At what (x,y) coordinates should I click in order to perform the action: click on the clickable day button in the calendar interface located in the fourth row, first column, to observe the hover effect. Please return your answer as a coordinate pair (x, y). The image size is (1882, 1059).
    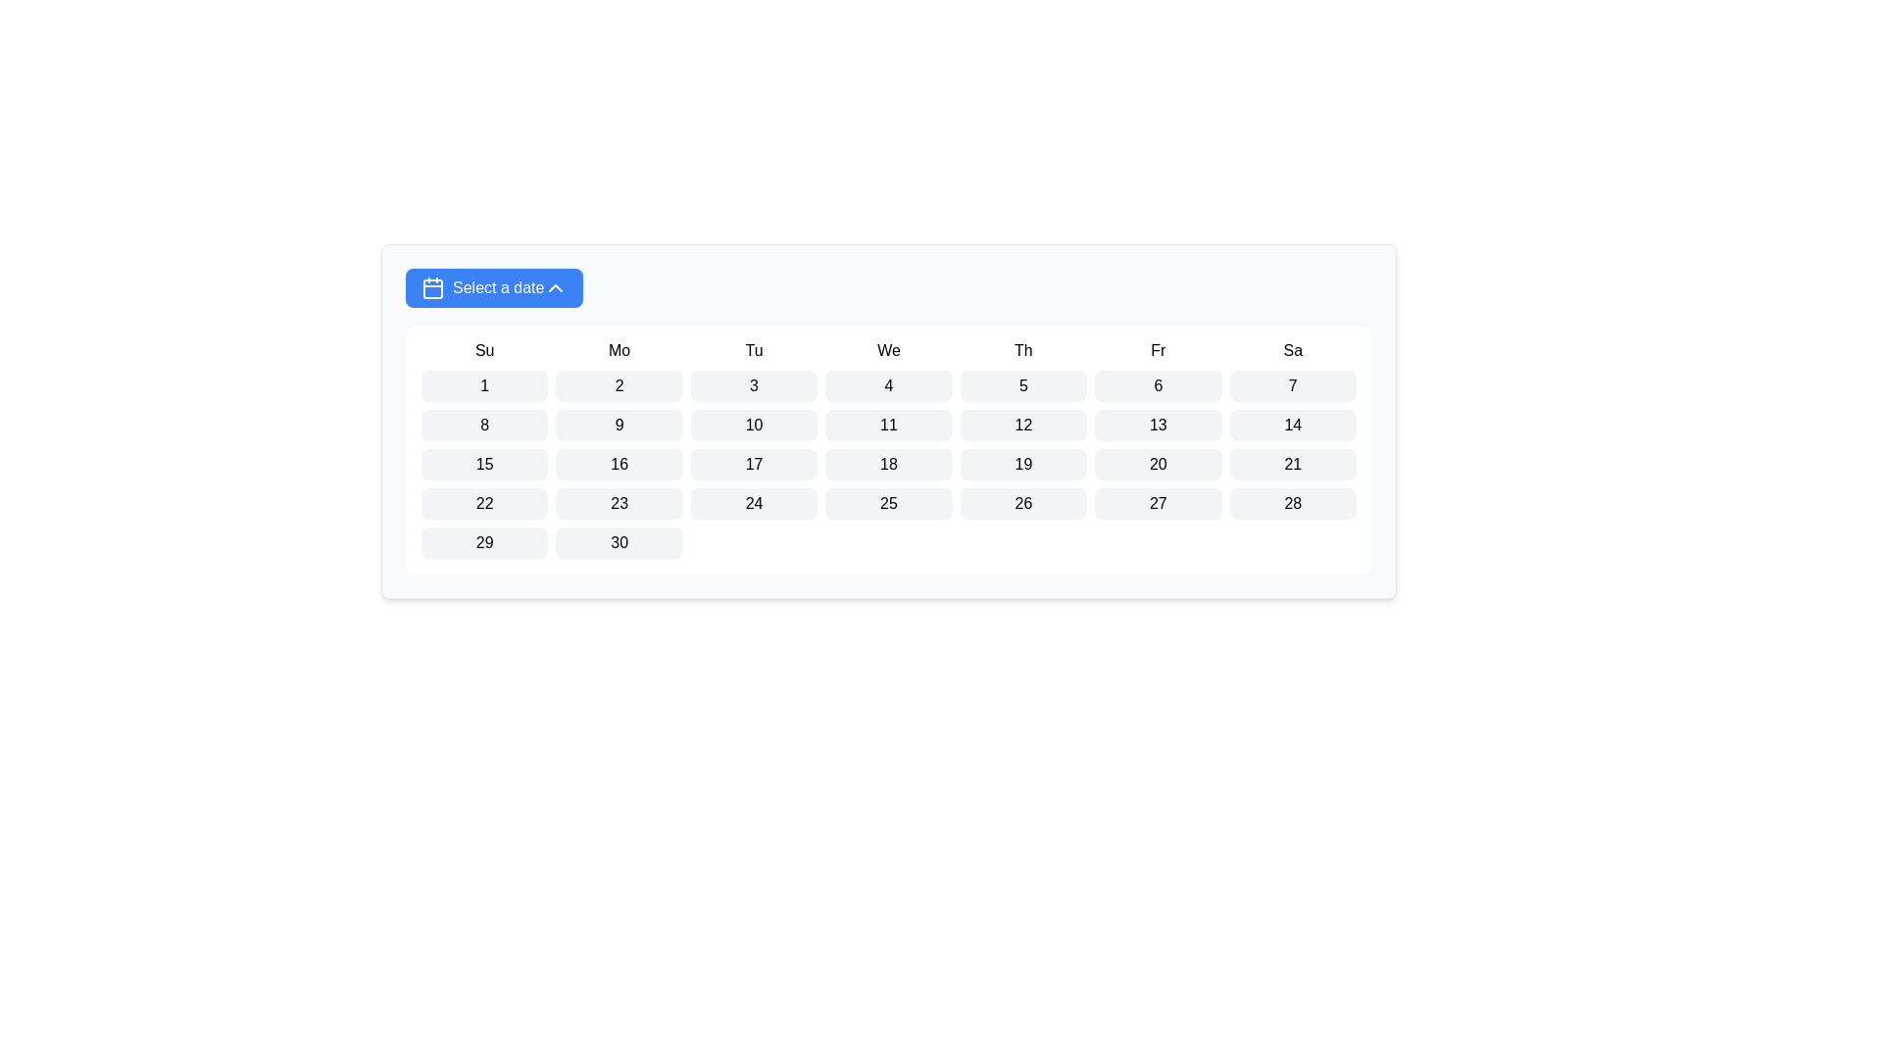
    Looking at the image, I should click on (484, 465).